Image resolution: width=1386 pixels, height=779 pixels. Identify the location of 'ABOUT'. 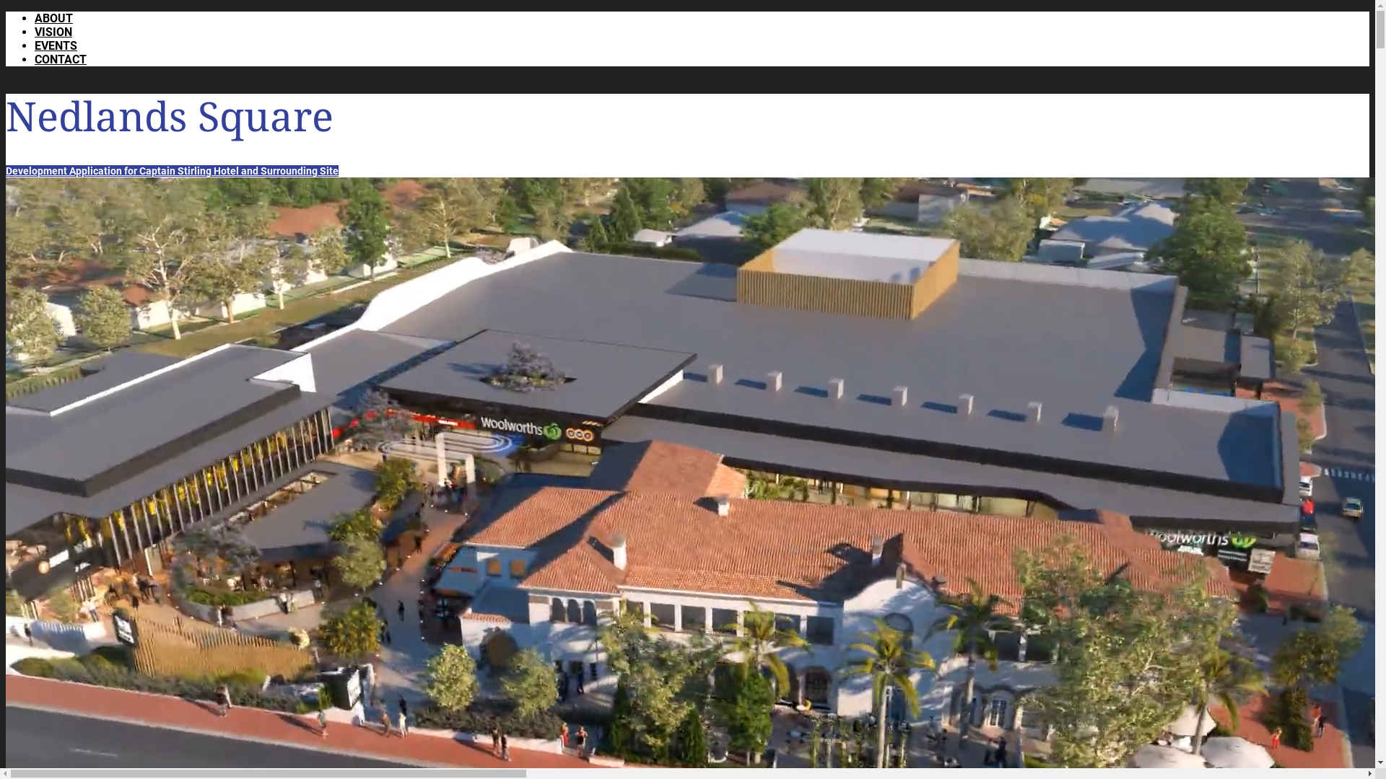
(53, 18).